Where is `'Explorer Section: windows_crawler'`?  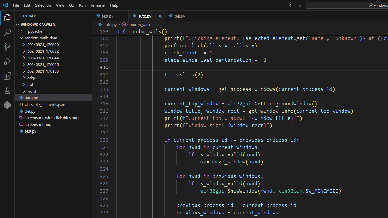
'Explorer Section: windows_crawler' is located at coordinates (53, 24).